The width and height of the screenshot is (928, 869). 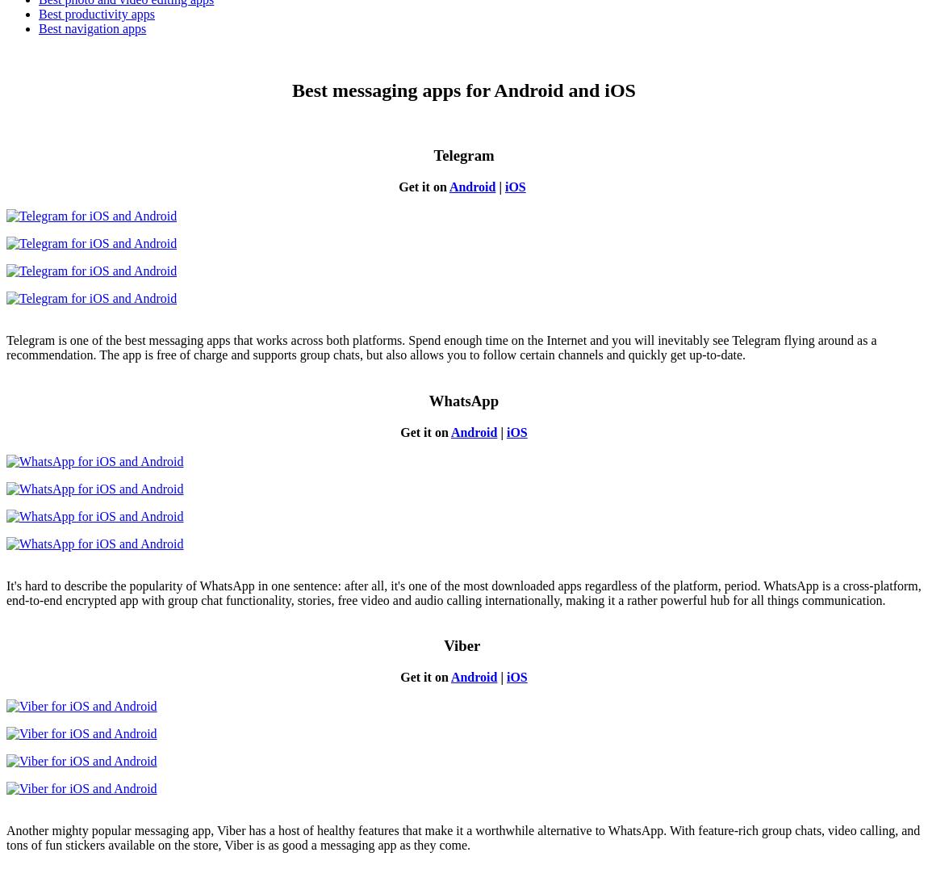 What do you see at coordinates (463, 89) in the screenshot?
I see `'Best messaging apps for Android and iOS'` at bounding box center [463, 89].